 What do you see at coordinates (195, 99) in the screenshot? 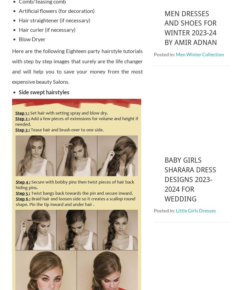
I see `'Little Girls Dresses'` at bounding box center [195, 99].